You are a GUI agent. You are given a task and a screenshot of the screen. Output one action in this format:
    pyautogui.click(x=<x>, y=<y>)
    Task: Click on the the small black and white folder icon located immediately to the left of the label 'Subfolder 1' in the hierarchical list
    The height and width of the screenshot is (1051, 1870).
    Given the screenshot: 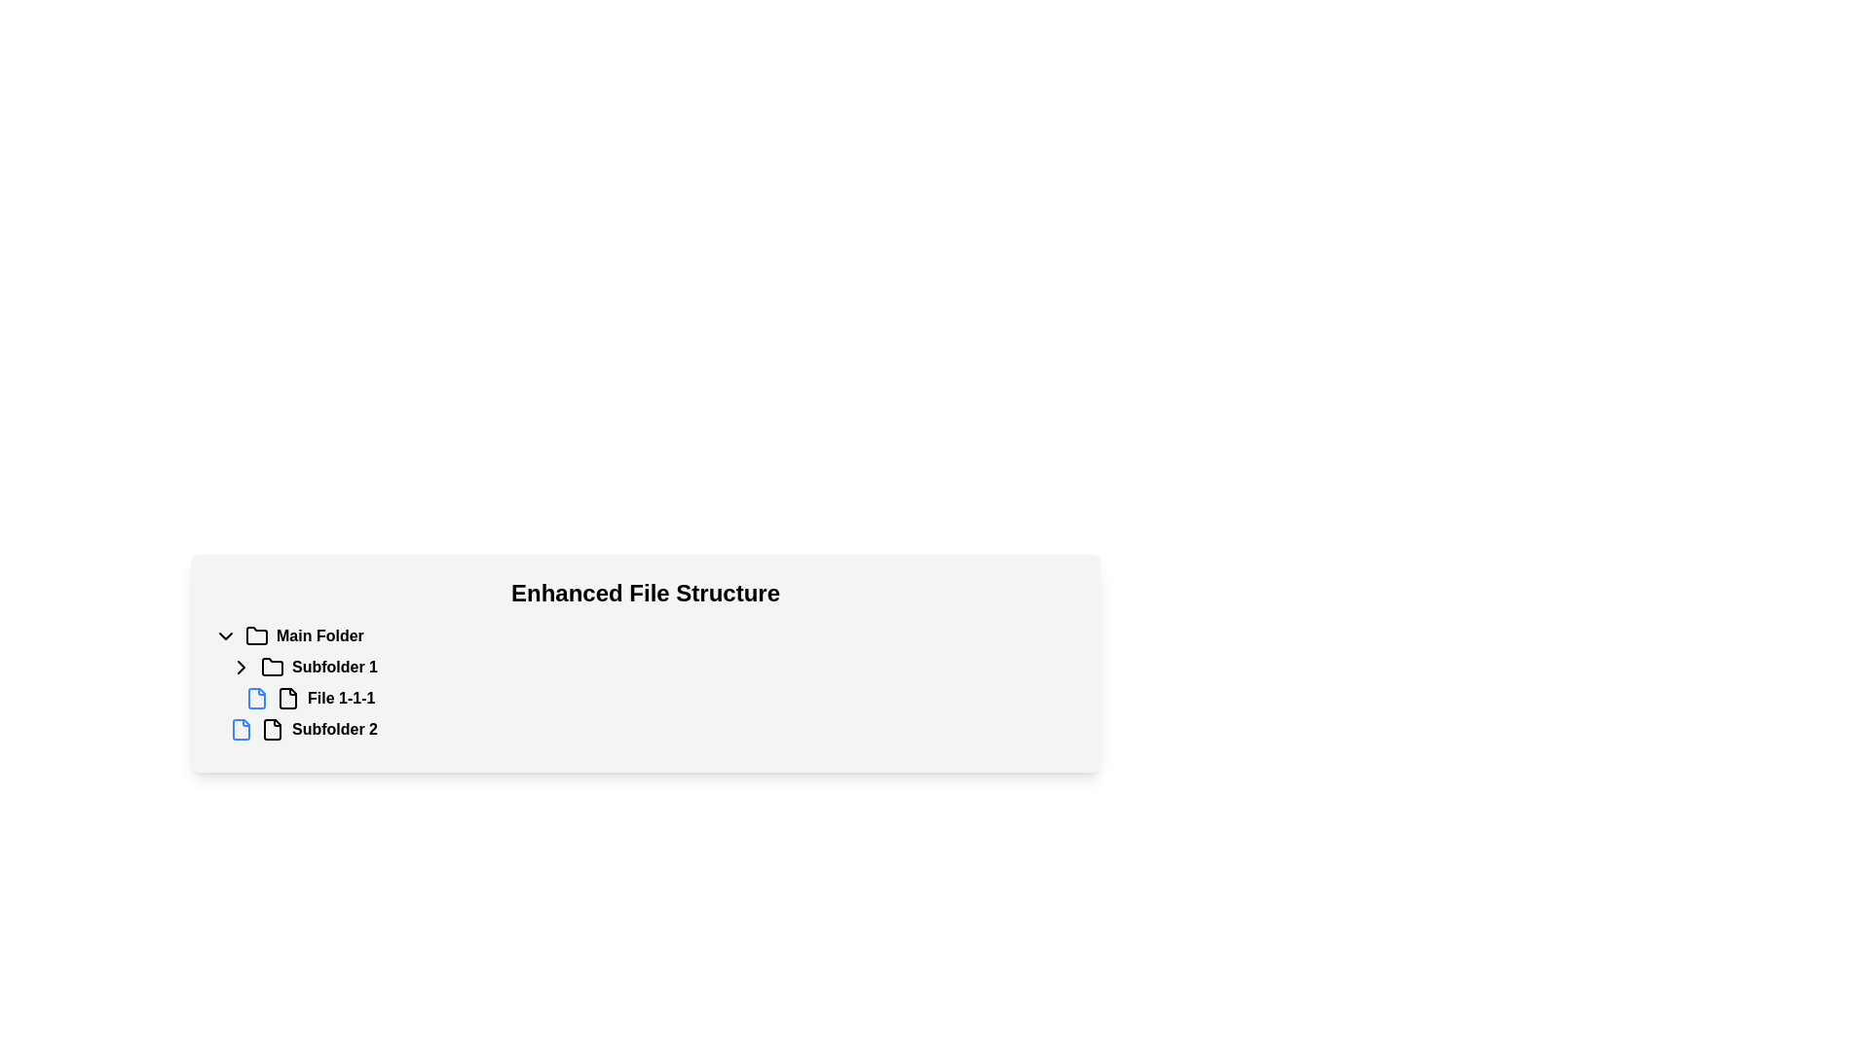 What is the action you would take?
    pyautogui.click(x=271, y=667)
    